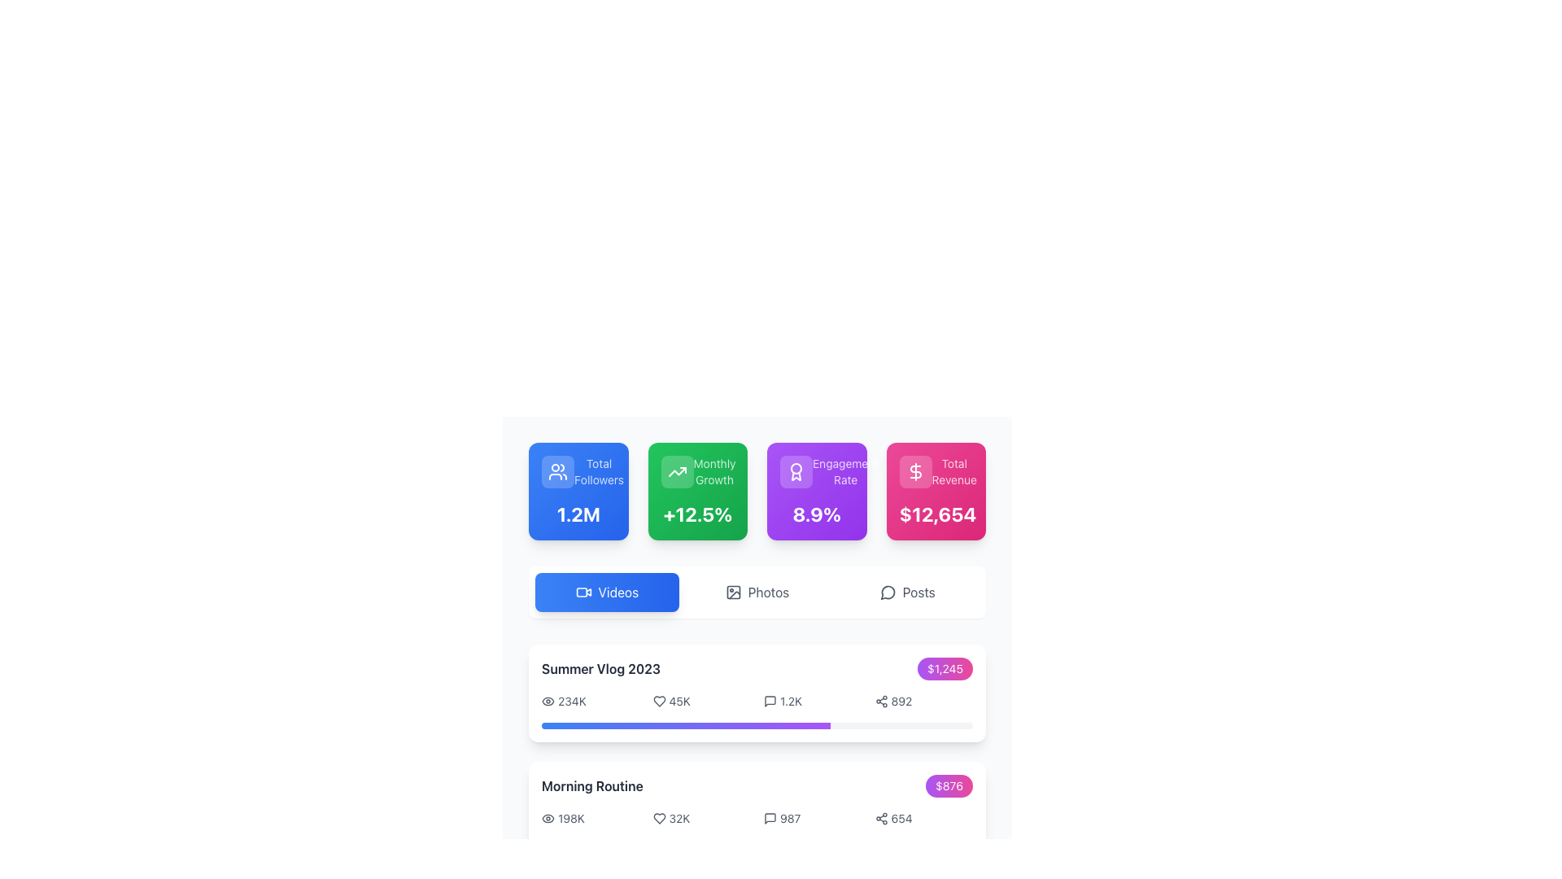 This screenshot has height=879, width=1562. What do you see at coordinates (936, 514) in the screenshot?
I see `the text display that shows the total revenue value, located at the bottom section of the fourth card on the dashboard interface, beneath the smaller text labeled 'Total Revenue'` at bounding box center [936, 514].